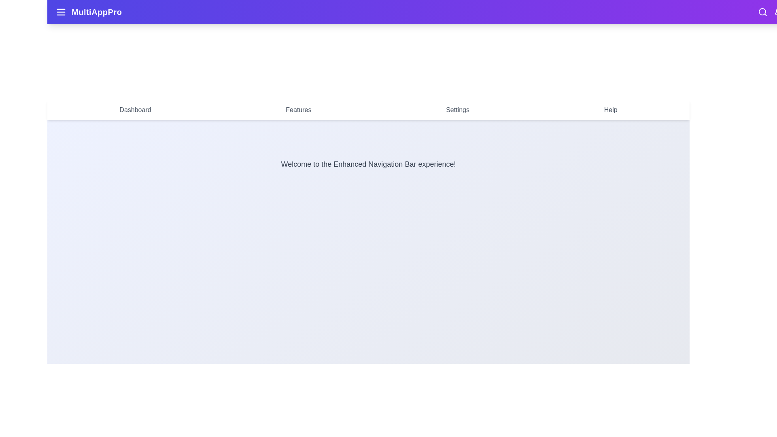  Describe the element at coordinates (458, 110) in the screenshot. I see `the navigation menu item labeled Settings` at that location.